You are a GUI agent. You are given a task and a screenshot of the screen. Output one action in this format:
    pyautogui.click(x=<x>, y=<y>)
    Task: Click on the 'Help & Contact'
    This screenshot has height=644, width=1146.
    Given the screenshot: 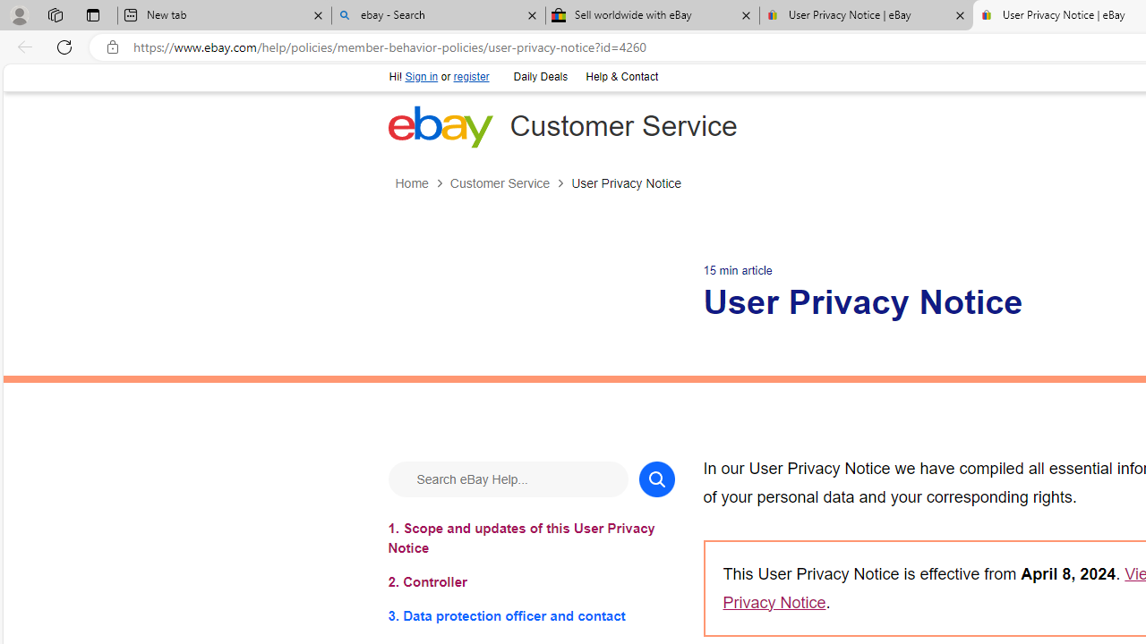 What is the action you would take?
    pyautogui.click(x=621, y=77)
    